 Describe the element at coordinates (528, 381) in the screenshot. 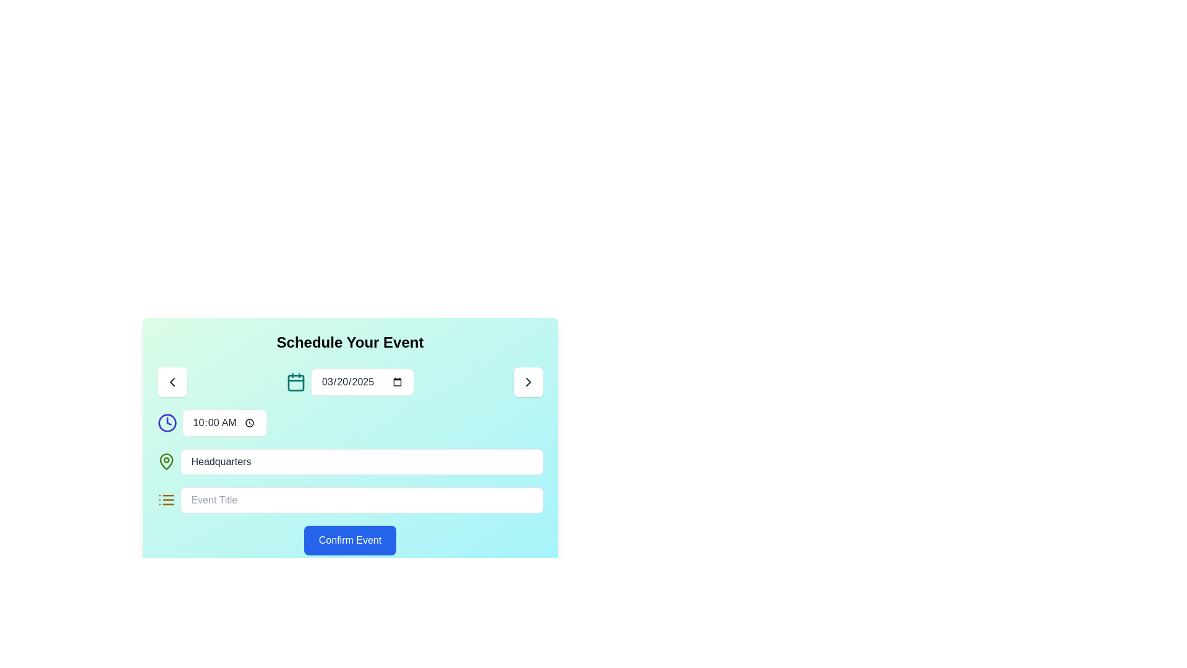

I see `the navigation button located at the far right of the top row, which is aligned with a date input field and calendar icon` at that location.